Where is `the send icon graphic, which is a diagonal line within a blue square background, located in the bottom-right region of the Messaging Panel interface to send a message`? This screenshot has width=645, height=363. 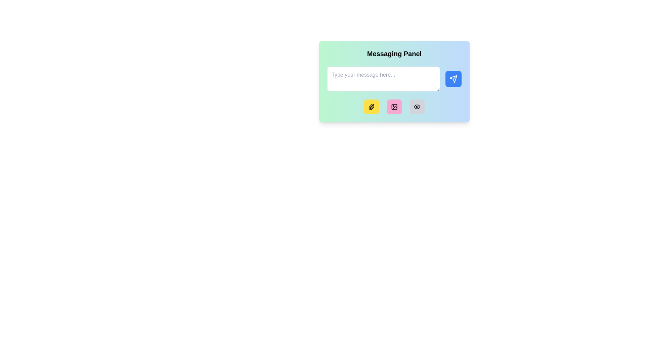
the send icon graphic, which is a diagonal line within a blue square background, located in the bottom-right region of the Messaging Panel interface to send a message is located at coordinates (455, 77).